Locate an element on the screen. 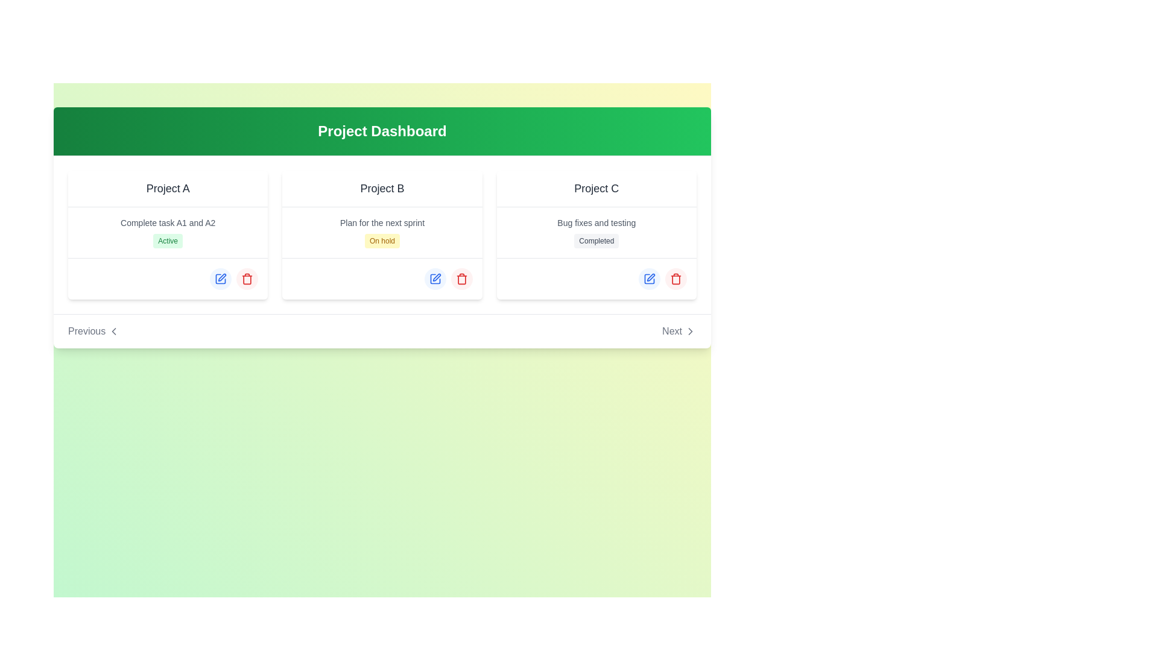  the trash icon button in the action controls of the third card in the dashboard for 'Project C' is located at coordinates (676, 278).